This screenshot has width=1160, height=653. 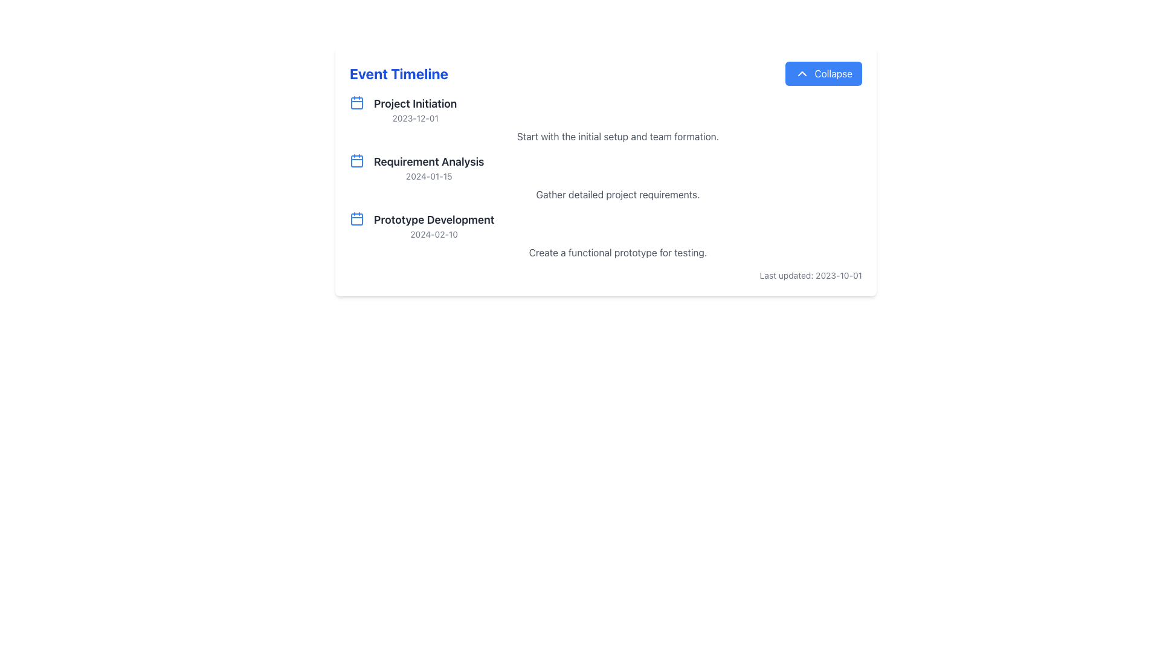 What do you see at coordinates (802, 74) in the screenshot?
I see `the icon located to the left of the 'Collapse' text within the blue button to trigger a tooltip or visual change` at bounding box center [802, 74].